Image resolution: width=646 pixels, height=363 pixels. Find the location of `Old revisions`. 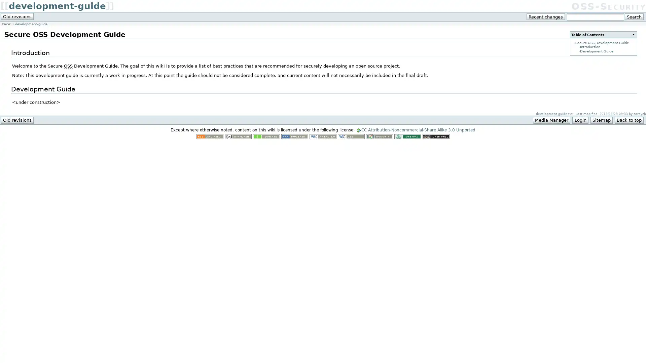

Old revisions is located at coordinates (17, 16).